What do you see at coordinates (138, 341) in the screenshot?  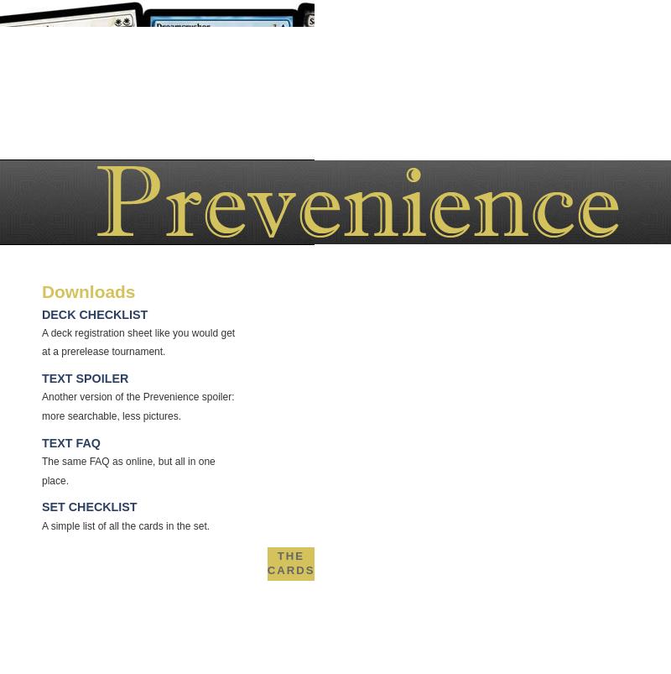 I see `'A deck registration sheet like you would get at a prerelease tournament.'` at bounding box center [138, 341].